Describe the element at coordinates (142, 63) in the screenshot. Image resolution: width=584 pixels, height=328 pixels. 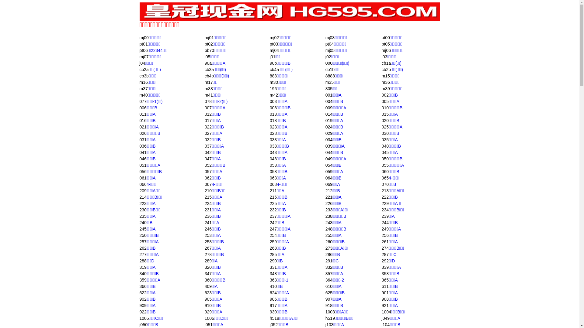
I see `'j04'` at that location.